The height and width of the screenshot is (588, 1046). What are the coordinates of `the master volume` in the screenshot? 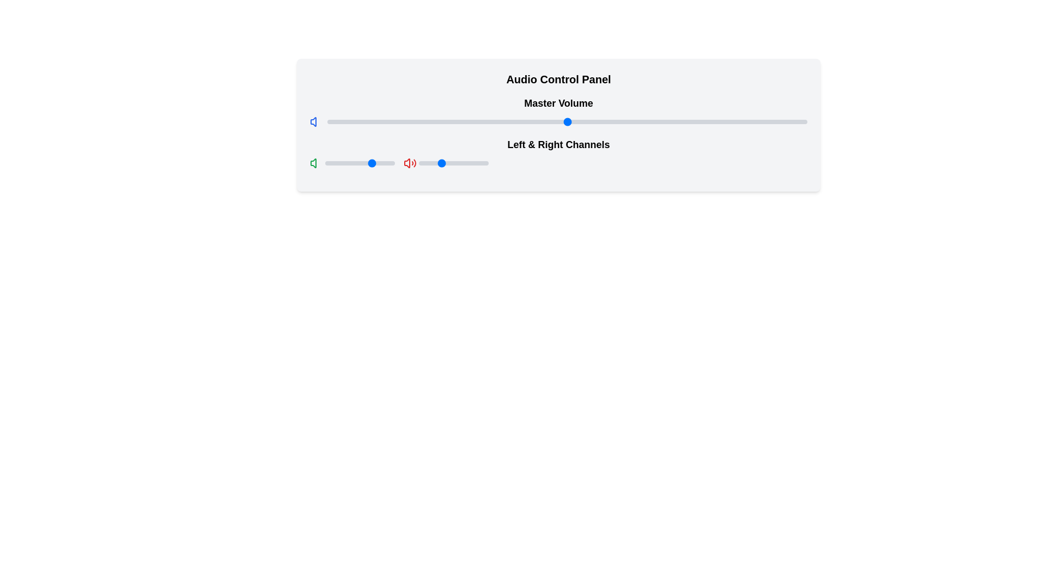 It's located at (509, 121).